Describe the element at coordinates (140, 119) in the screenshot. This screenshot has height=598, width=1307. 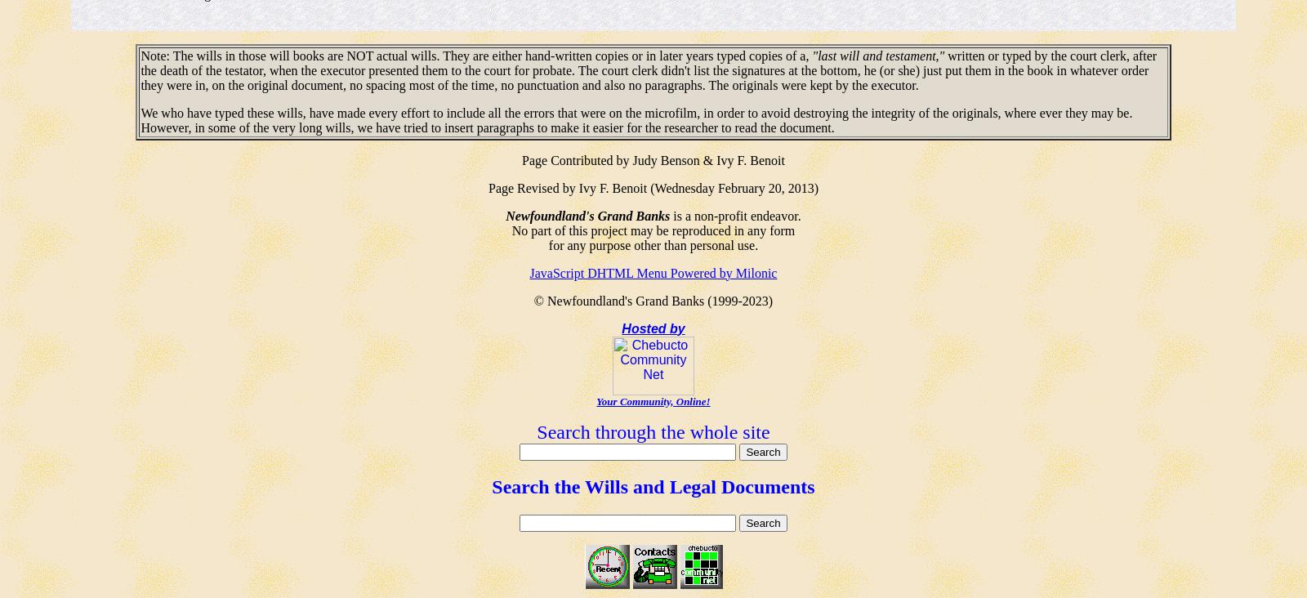
I see `'We who have typed these wills, have made every effort to include all the errors that were on the microfilm, in order to avoid destroying the integrity of the originals, where ever they may be. However, in some of the very long wills, we have tried to insert paragraphs to make it easier for the researcher to read the document.'` at that location.